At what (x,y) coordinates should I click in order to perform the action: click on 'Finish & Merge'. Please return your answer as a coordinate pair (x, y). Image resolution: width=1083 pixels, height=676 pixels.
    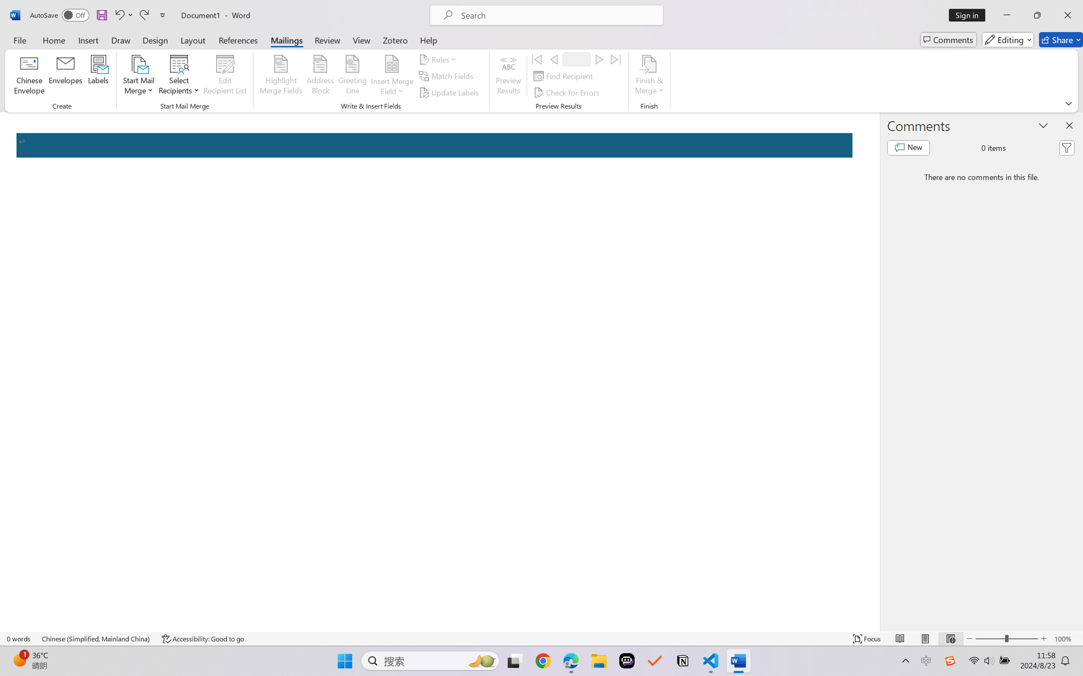
    Looking at the image, I should click on (648, 76).